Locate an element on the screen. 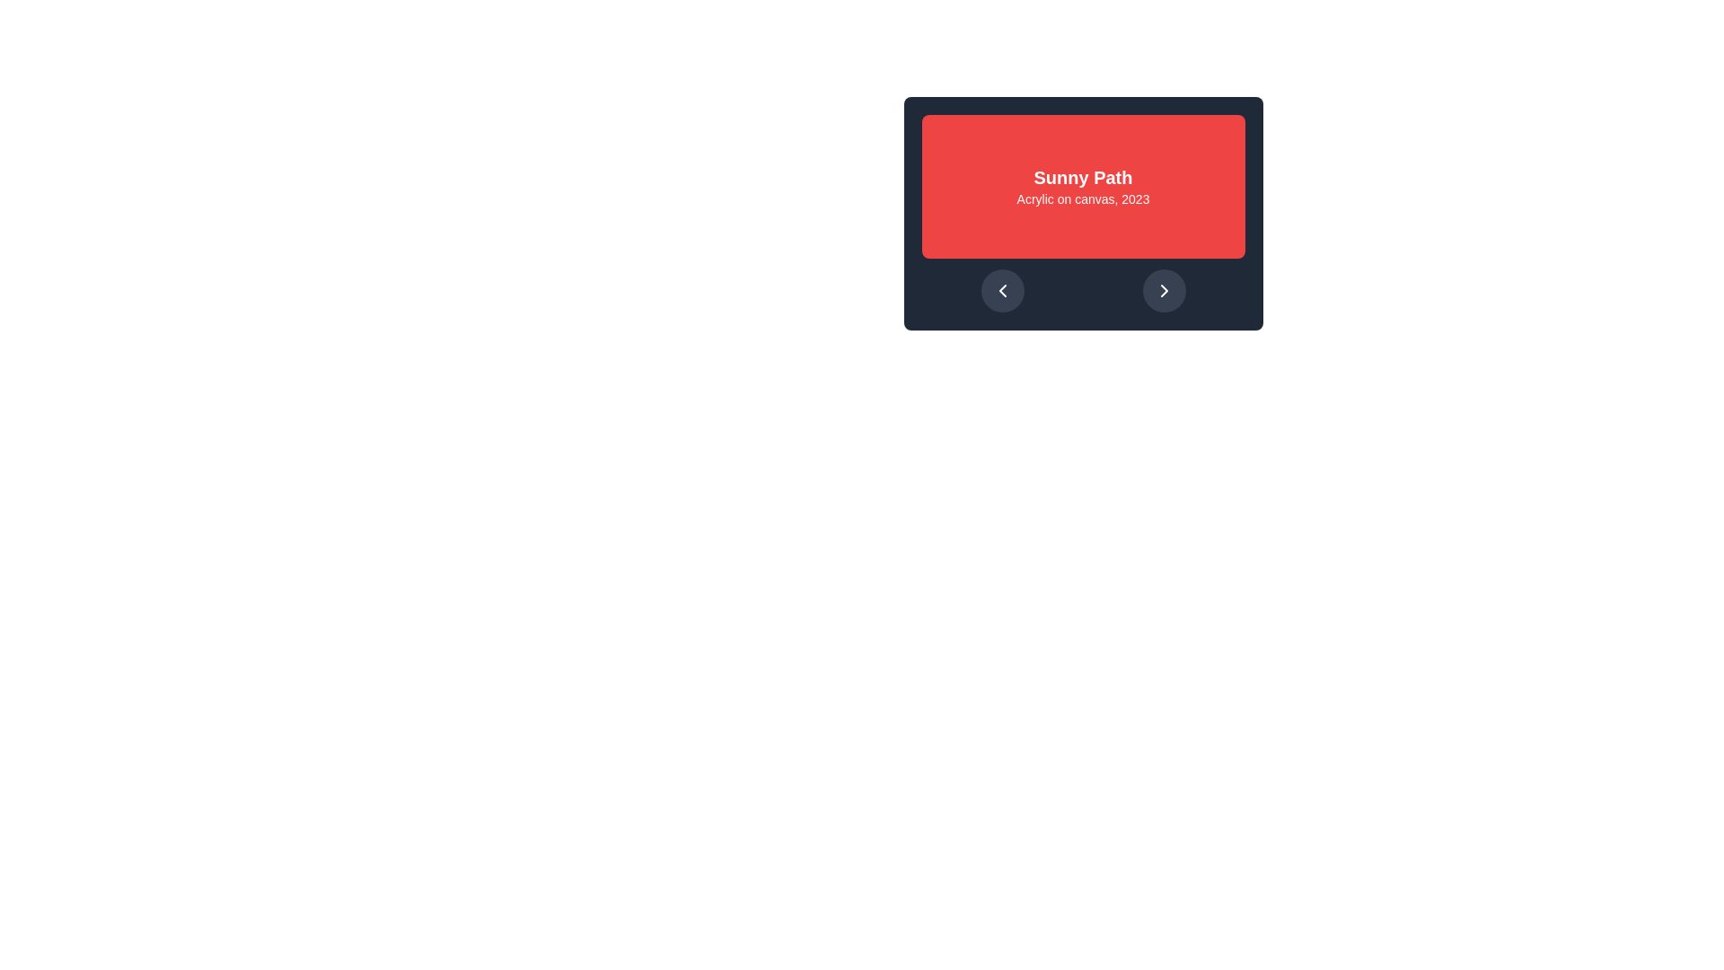  the right-facing chevron icon-based button within a dark gray circular button in the navigation control bar is located at coordinates (1164, 290).